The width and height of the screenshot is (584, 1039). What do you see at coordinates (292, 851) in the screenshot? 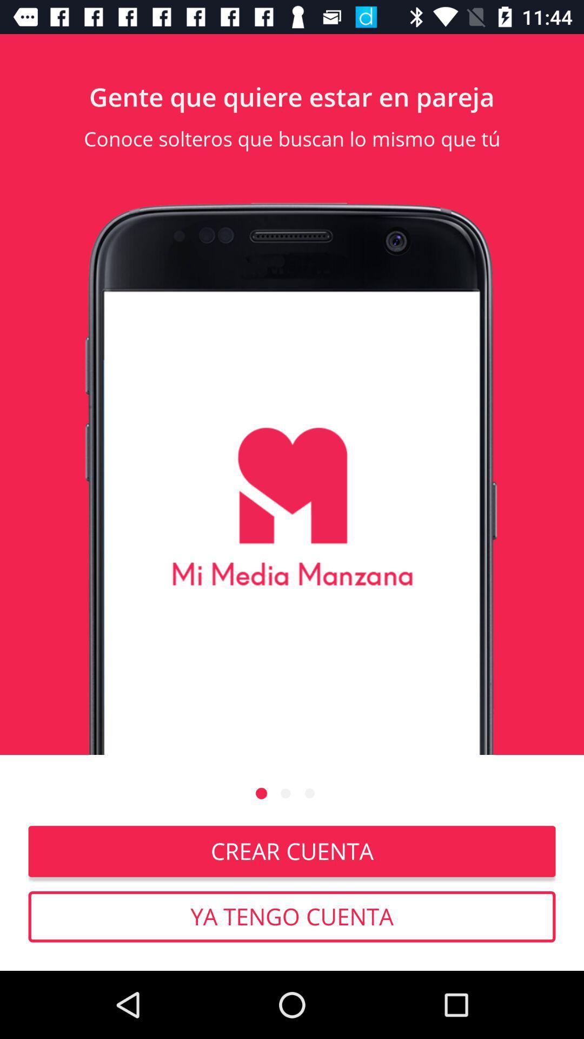
I see `the crear cuenta item` at bounding box center [292, 851].